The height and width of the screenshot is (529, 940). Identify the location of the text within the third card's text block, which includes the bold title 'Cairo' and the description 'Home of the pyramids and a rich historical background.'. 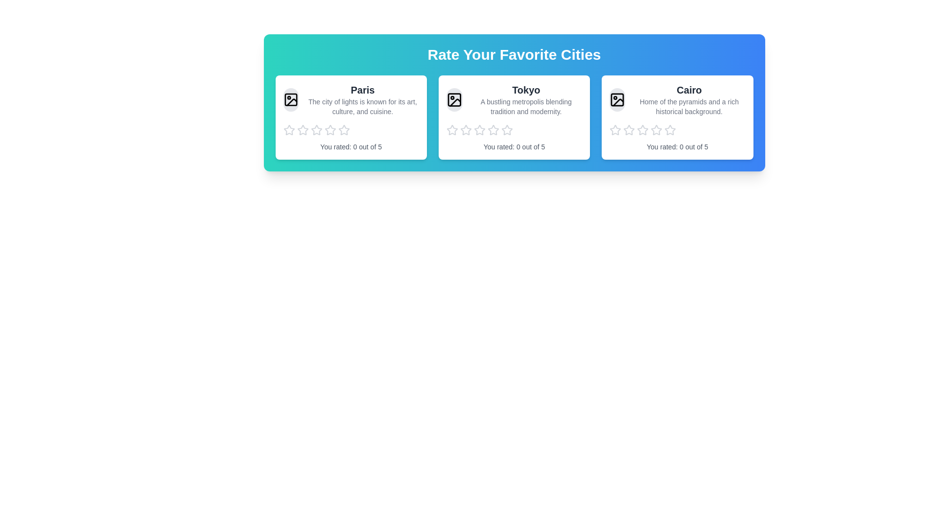
(688, 100).